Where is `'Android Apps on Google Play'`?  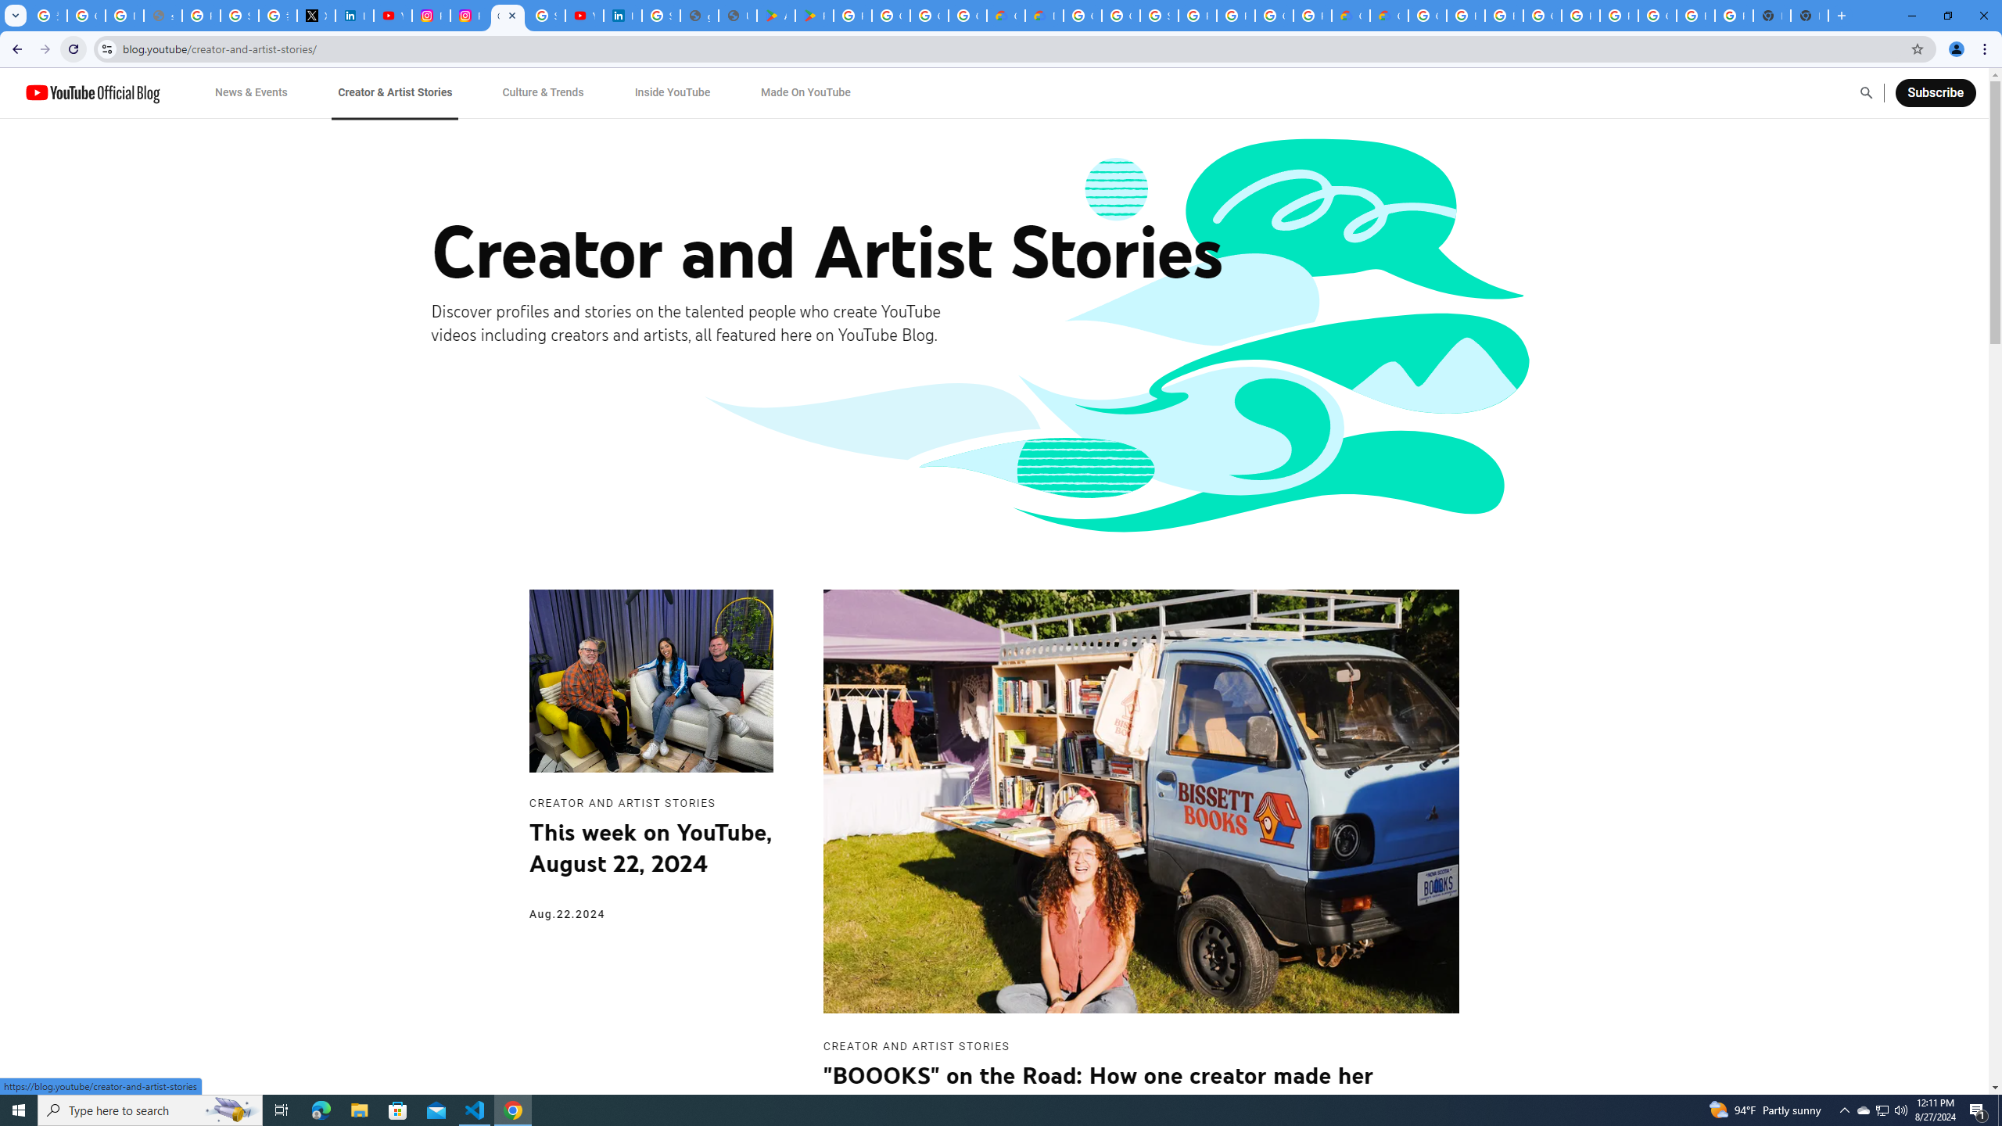 'Android Apps on Google Play' is located at coordinates (776, 15).